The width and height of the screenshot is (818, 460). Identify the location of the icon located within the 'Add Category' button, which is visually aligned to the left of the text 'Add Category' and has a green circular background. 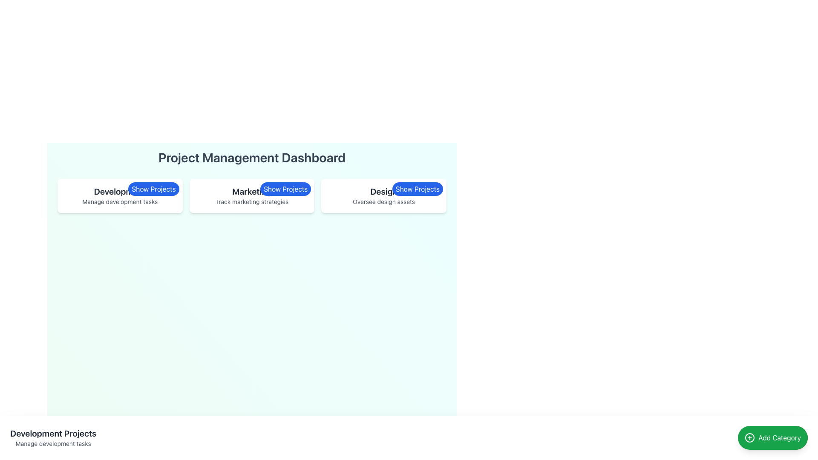
(750, 438).